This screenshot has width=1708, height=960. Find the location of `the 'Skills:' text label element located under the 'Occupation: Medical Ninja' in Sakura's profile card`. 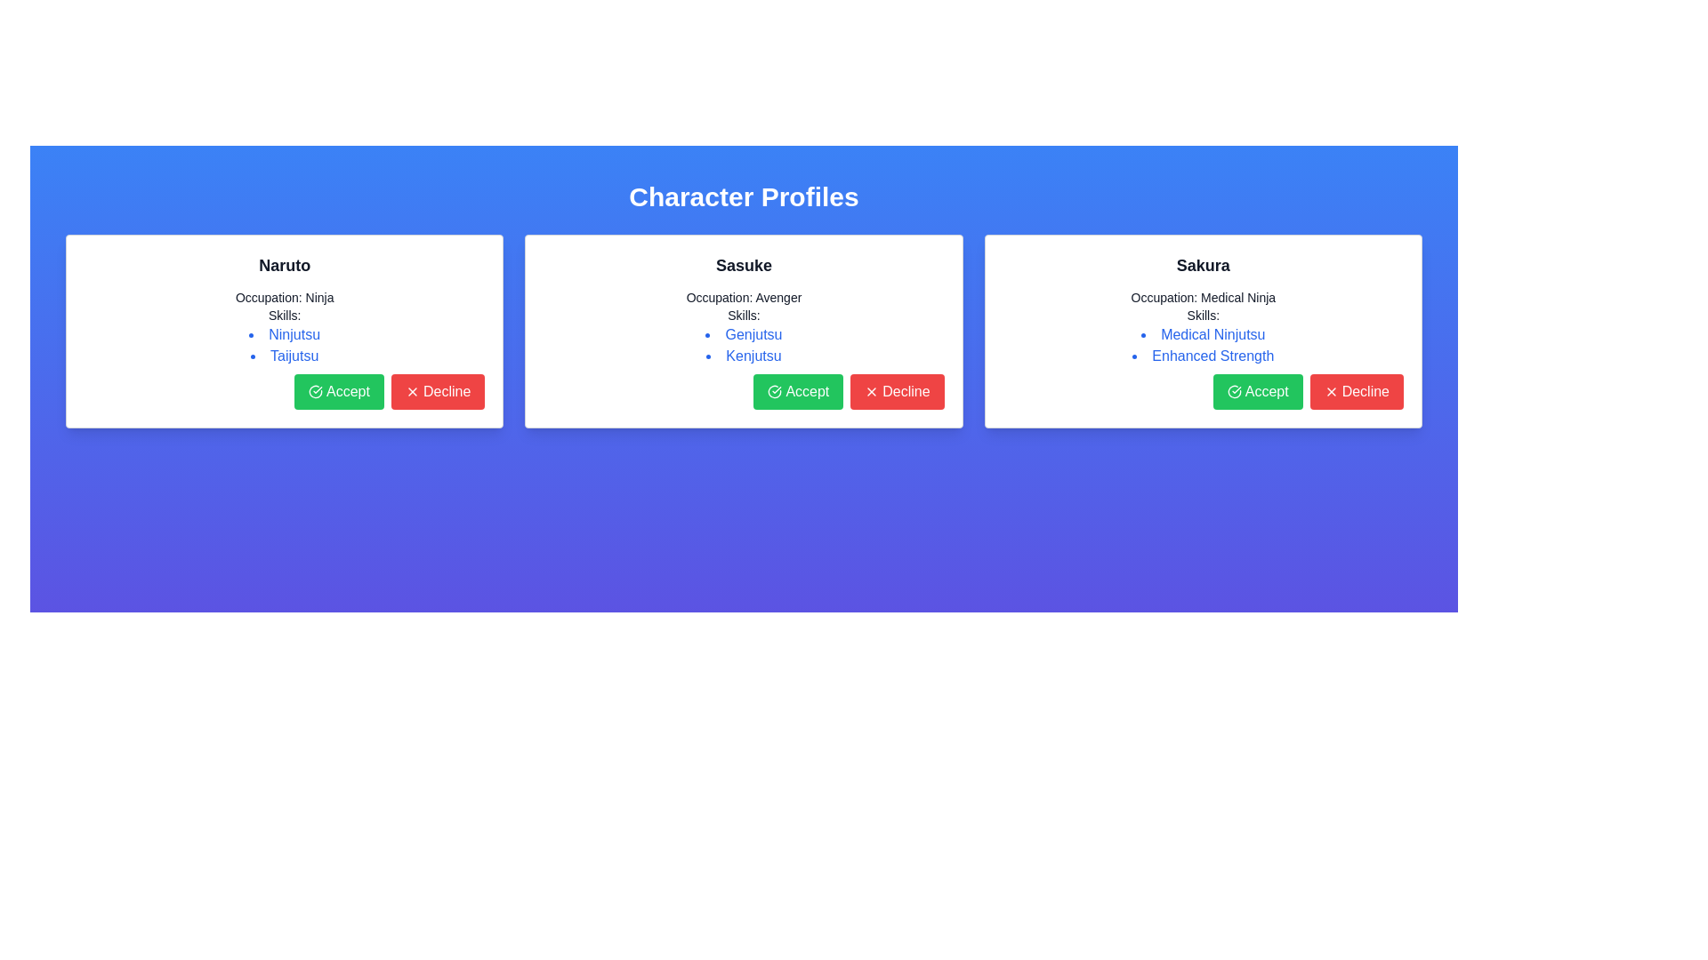

the 'Skills:' text label element located under the 'Occupation: Medical Ninja' in Sakura's profile card is located at coordinates (1203, 314).